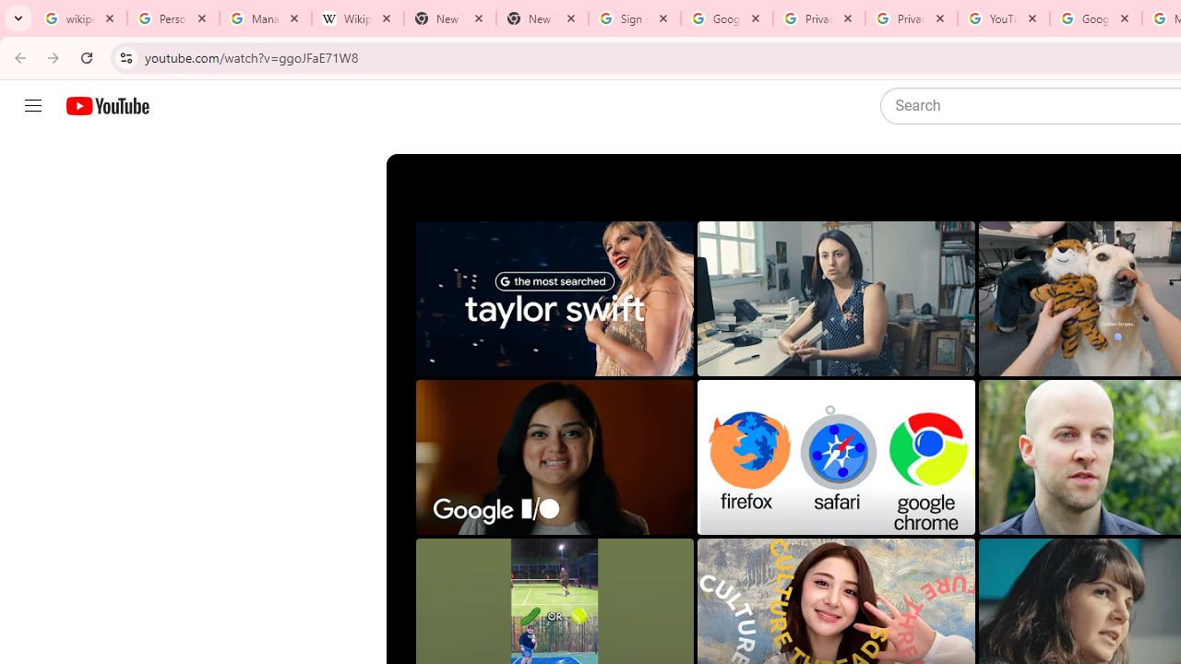  Describe the element at coordinates (1095, 18) in the screenshot. I see `'Google Account Help'` at that location.